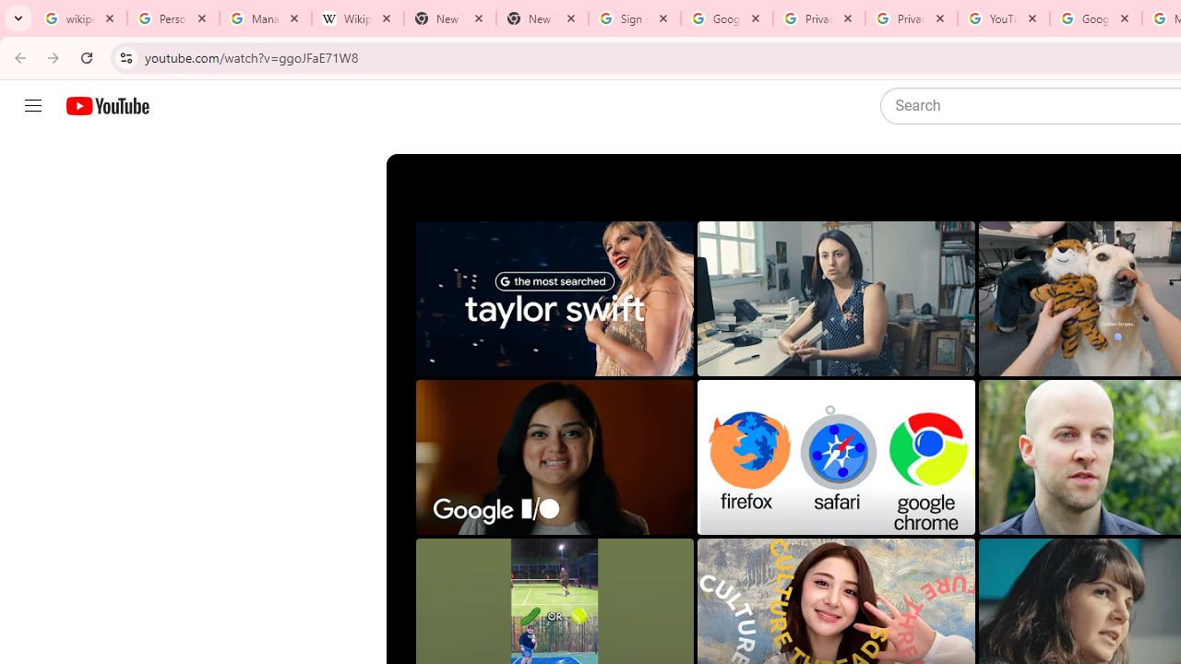  Describe the element at coordinates (1095, 18) in the screenshot. I see `'Google Account Help'` at that location.